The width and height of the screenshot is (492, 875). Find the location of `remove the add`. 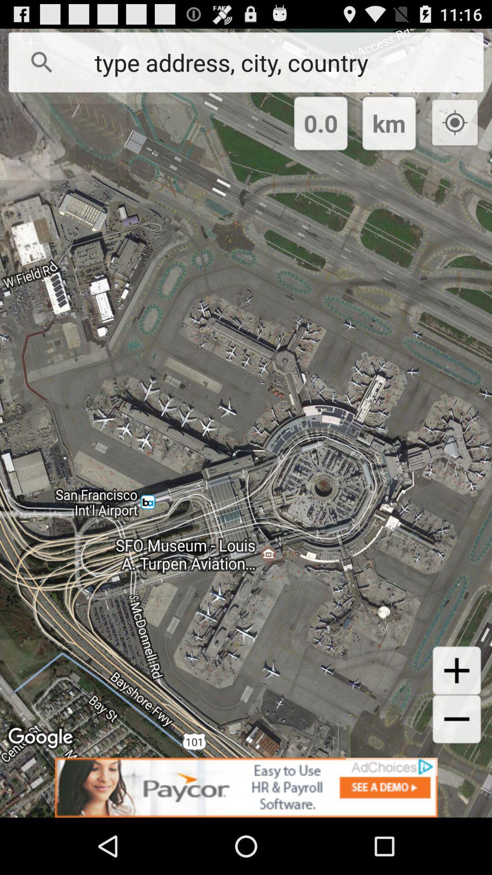

remove the add is located at coordinates (246, 787).